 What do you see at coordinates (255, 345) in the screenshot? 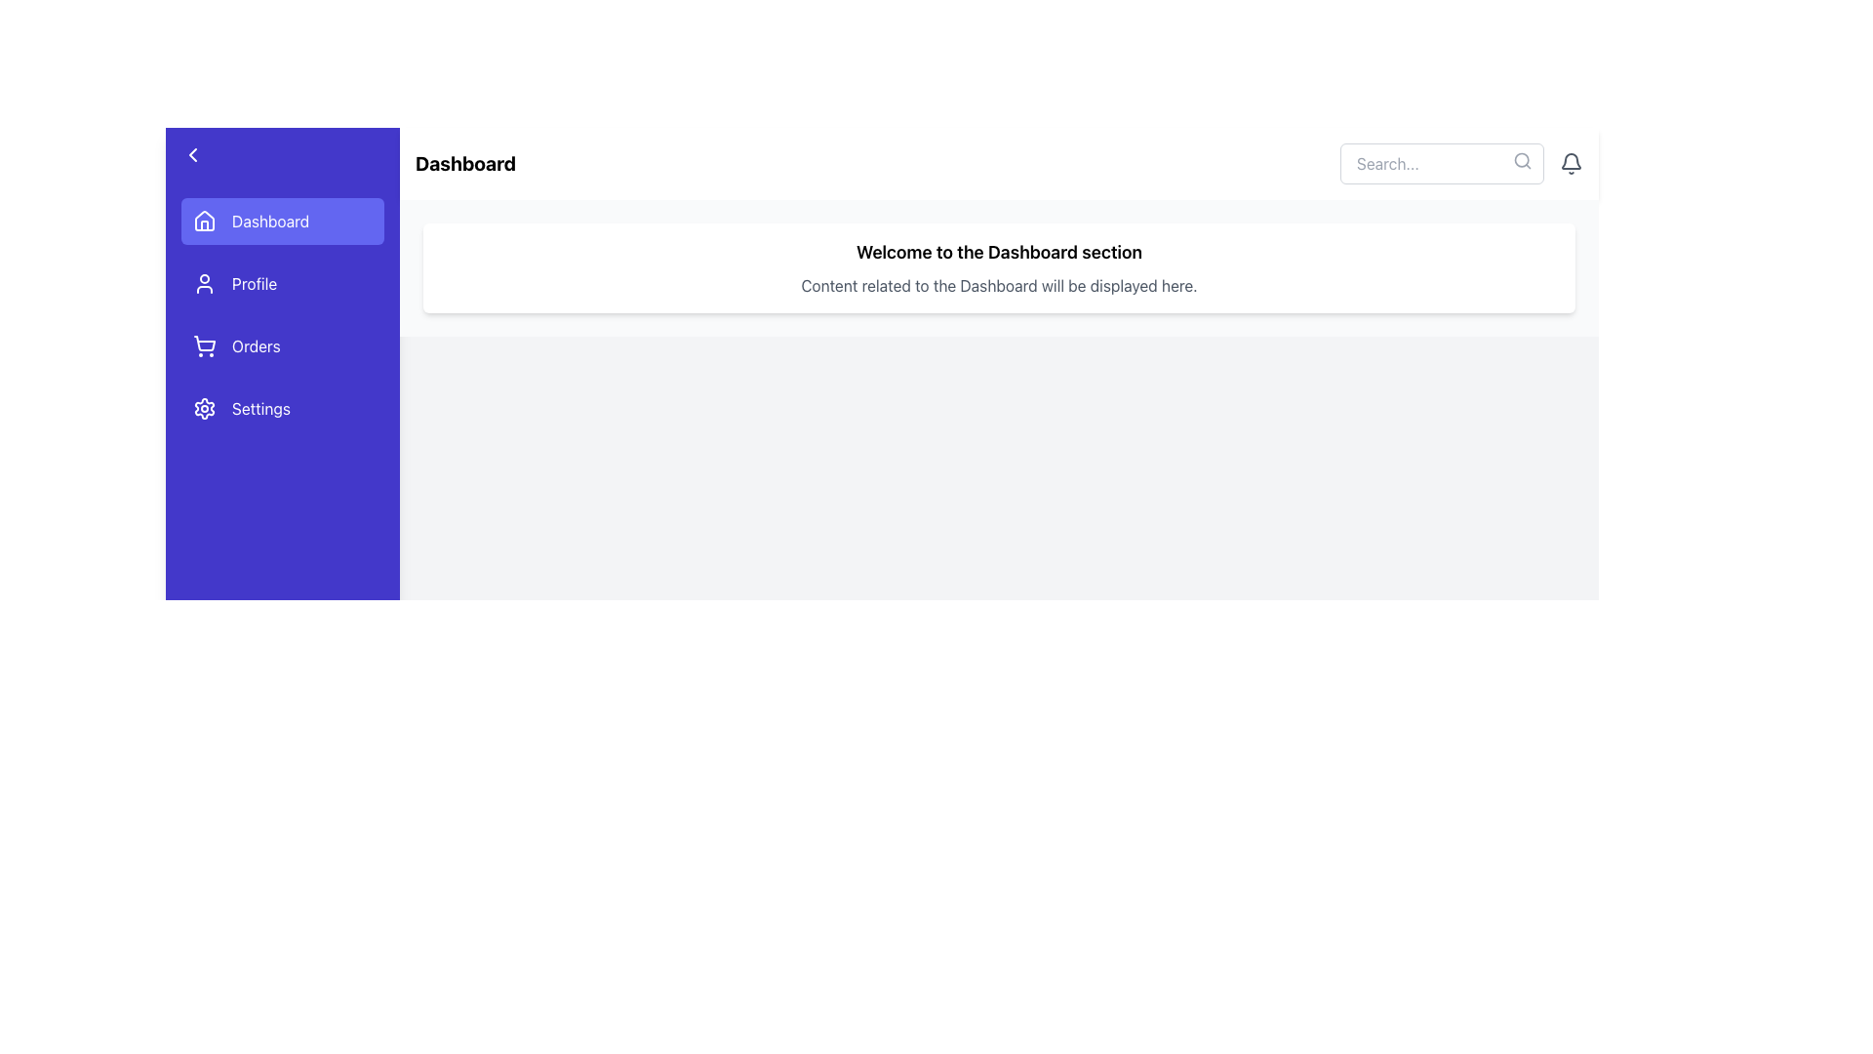
I see `the 'Orders' text label, which is displayed in white font on a blue background, located on the left sidebar under 'Profile' and above 'Settings'` at bounding box center [255, 345].